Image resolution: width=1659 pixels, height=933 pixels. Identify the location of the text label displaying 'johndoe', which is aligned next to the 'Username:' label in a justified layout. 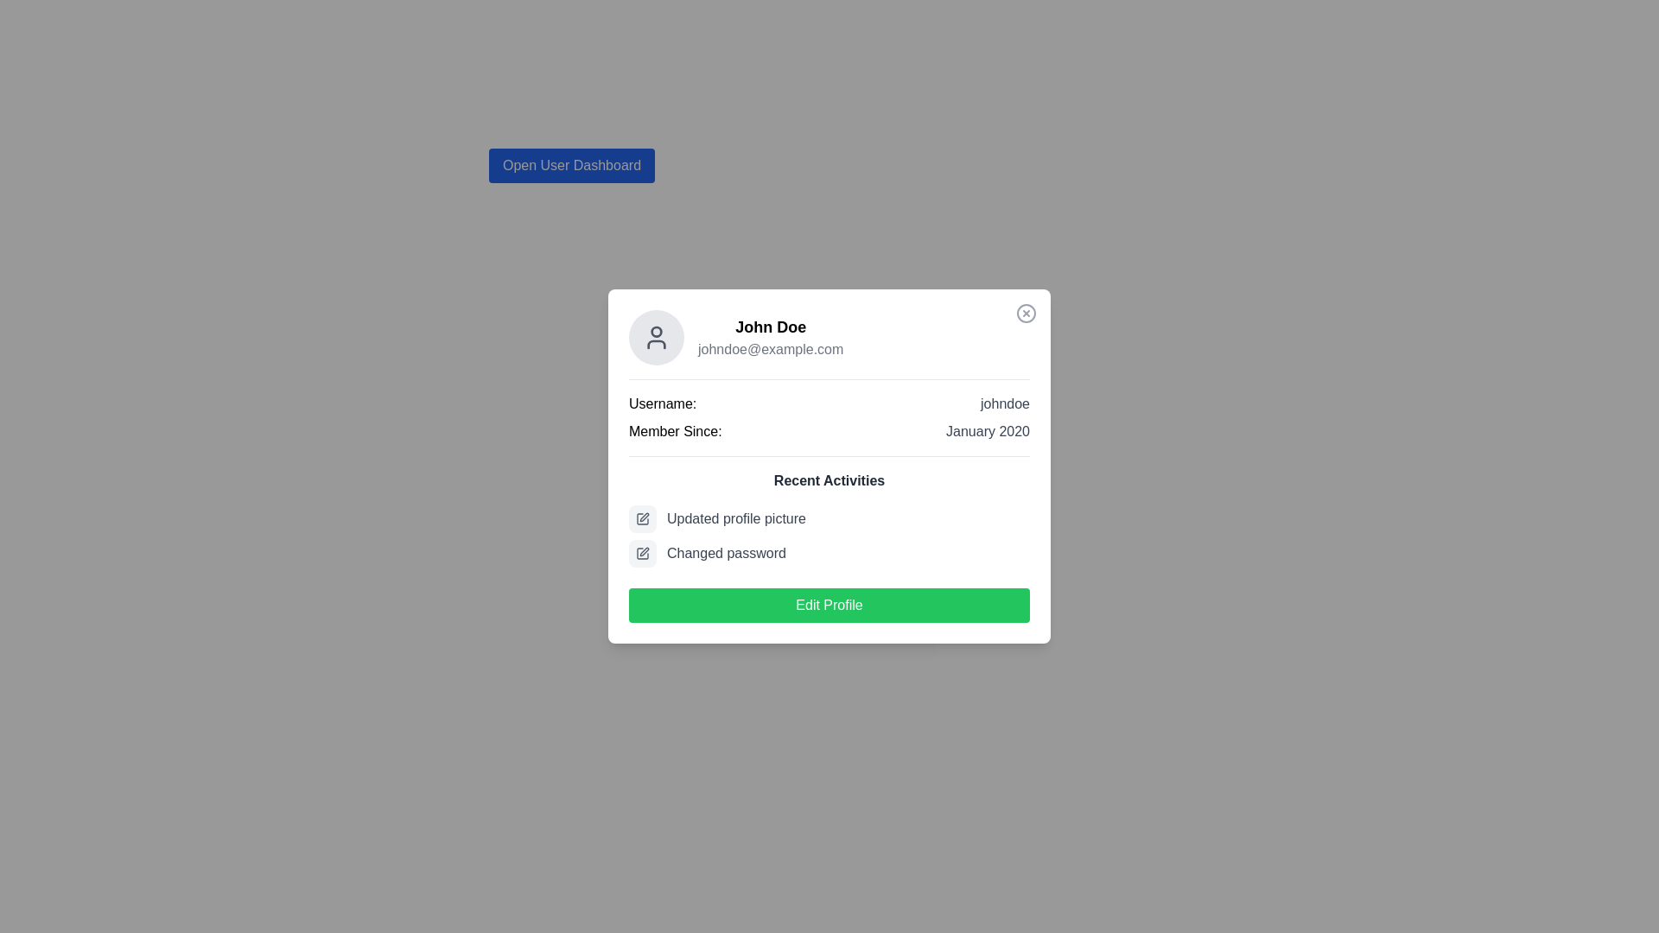
(1005, 403).